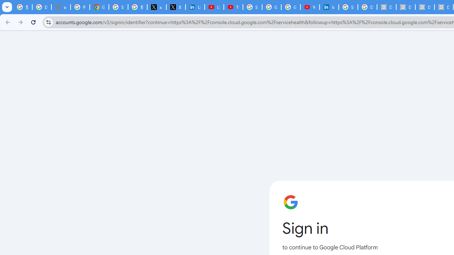  Describe the element at coordinates (214, 7) in the screenshot. I see `'LinkedIn - YouTube'` at that location.